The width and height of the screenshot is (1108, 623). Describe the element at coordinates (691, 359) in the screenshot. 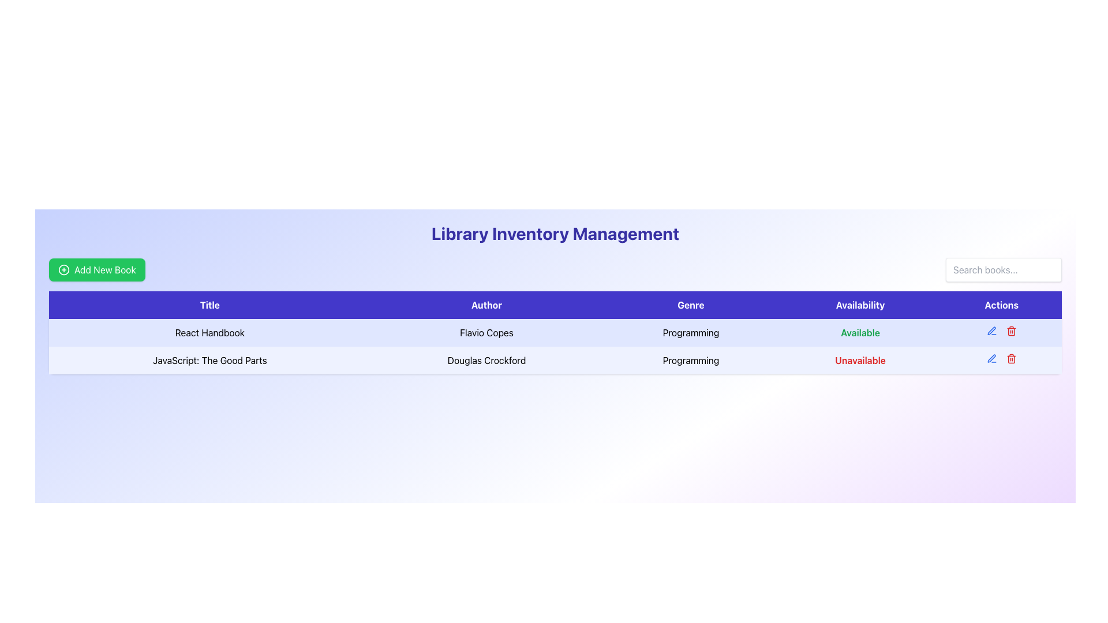

I see `the Static Text Label that denotes the genre of the book 'JavaScript: The Good Parts' by 'Douglas Crockford' located in the third column of its row` at that location.